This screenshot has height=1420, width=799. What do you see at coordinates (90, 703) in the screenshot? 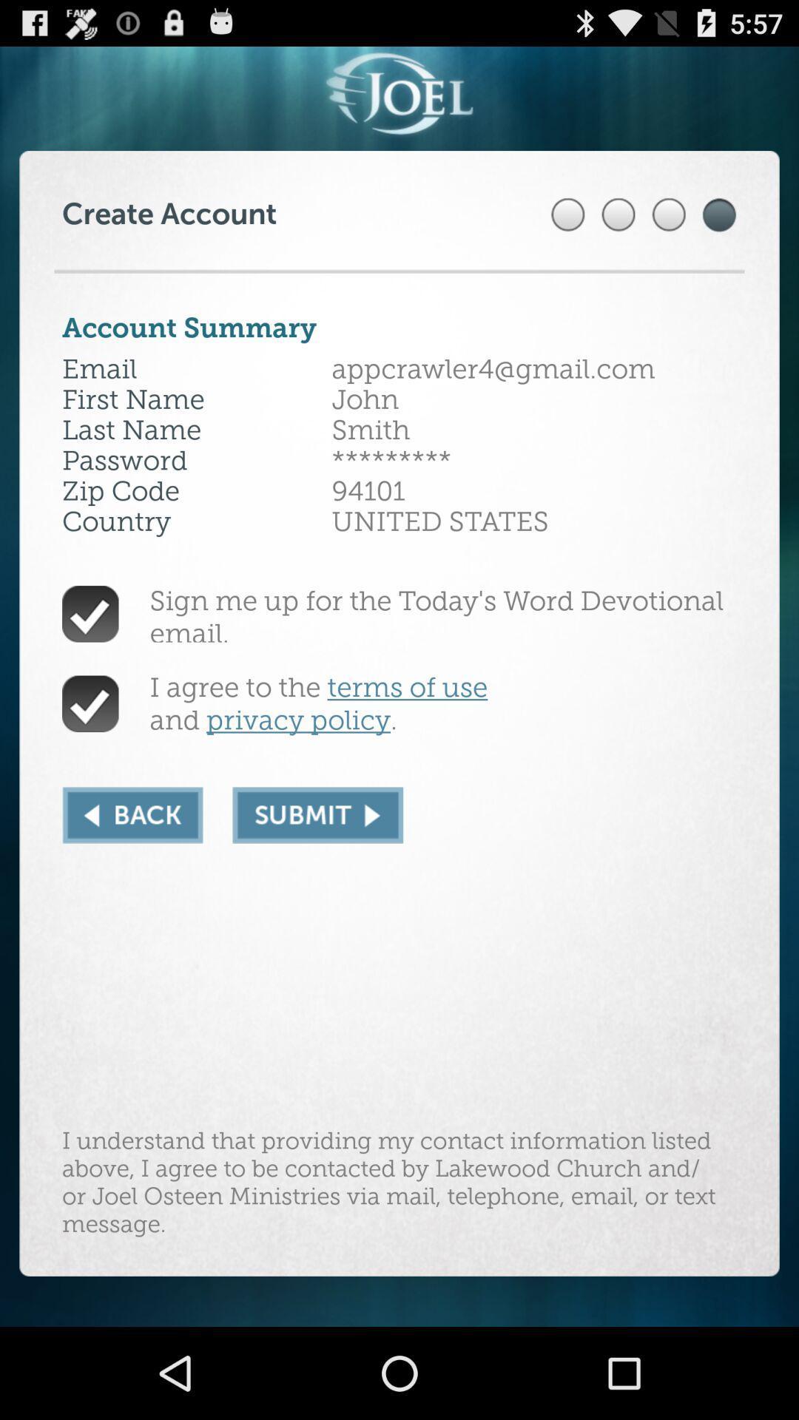
I see `verify agreement terms` at bounding box center [90, 703].